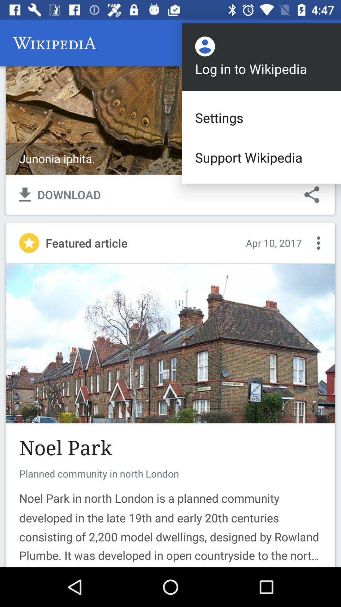 The height and width of the screenshot is (607, 341). I want to click on settings icon, so click(261, 118).